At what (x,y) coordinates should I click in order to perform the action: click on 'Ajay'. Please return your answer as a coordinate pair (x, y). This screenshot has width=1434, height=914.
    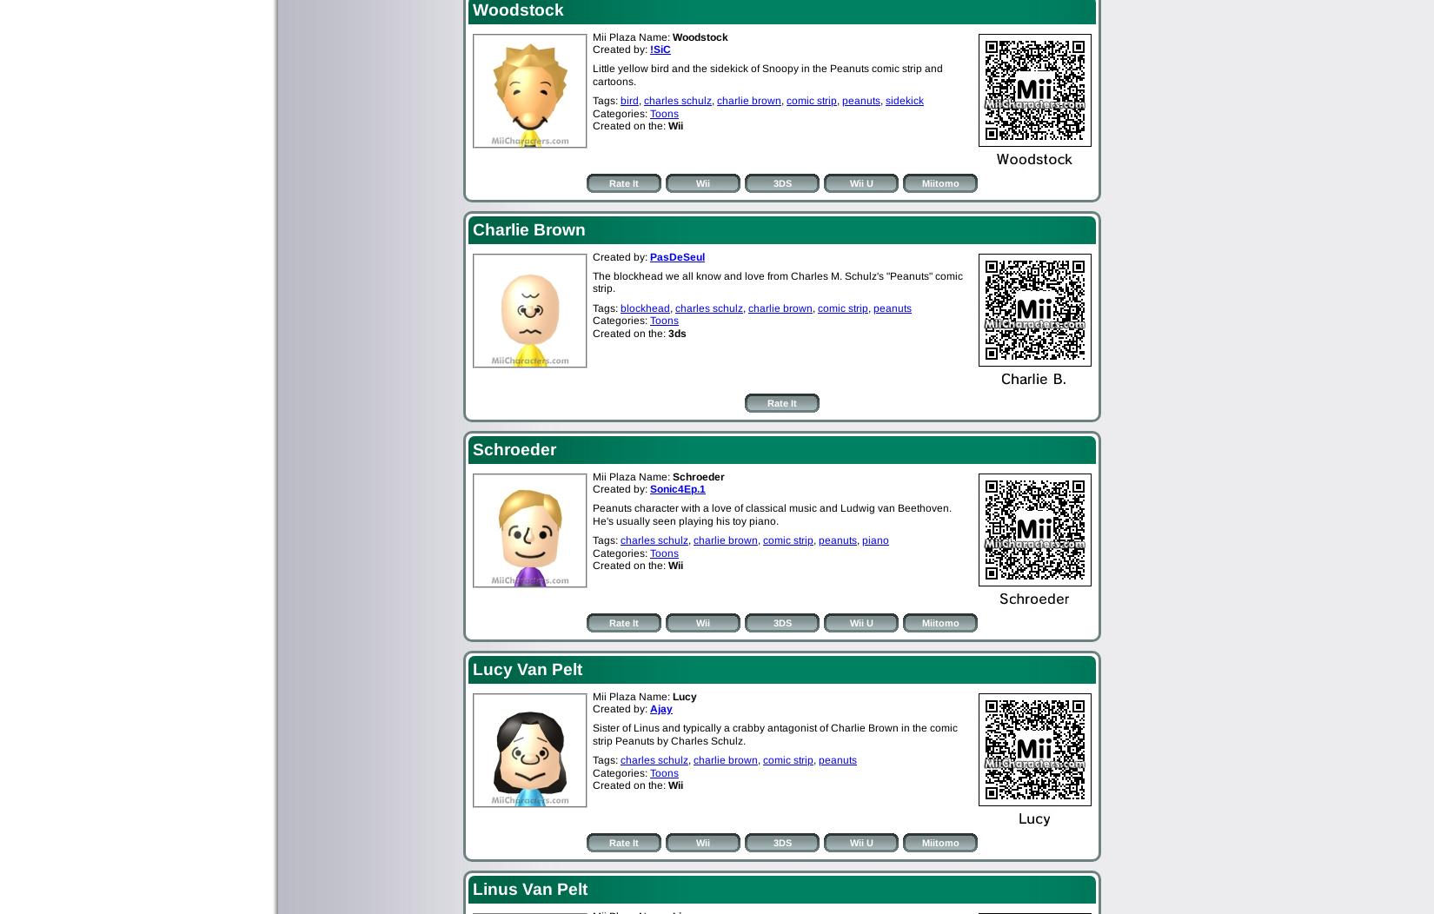
    Looking at the image, I should click on (660, 707).